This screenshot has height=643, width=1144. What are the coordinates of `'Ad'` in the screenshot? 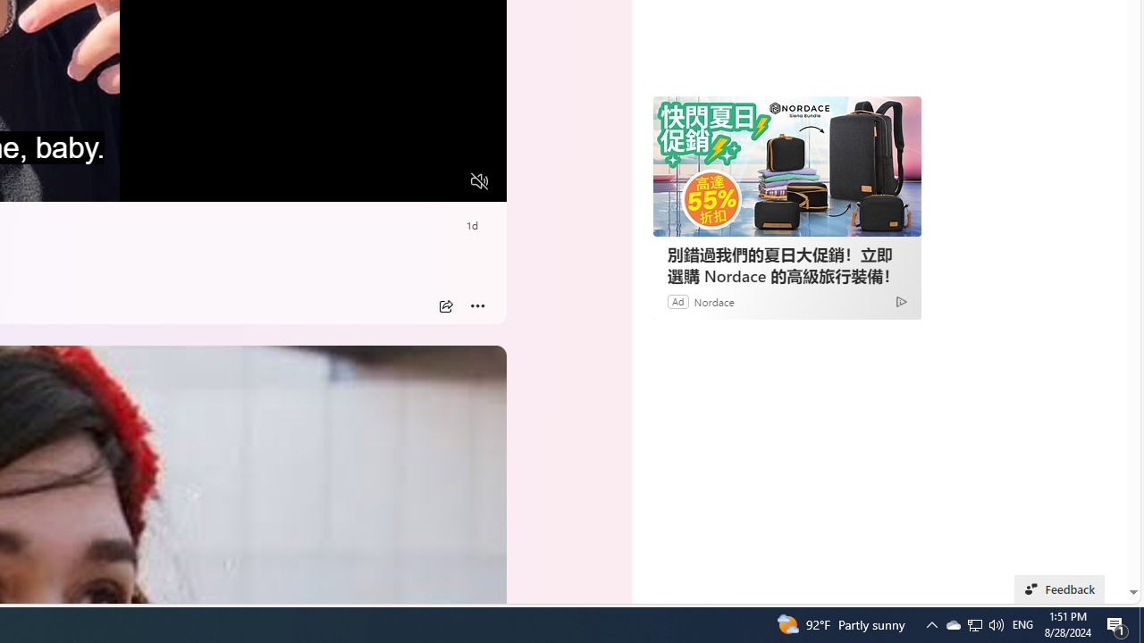 It's located at (677, 300).